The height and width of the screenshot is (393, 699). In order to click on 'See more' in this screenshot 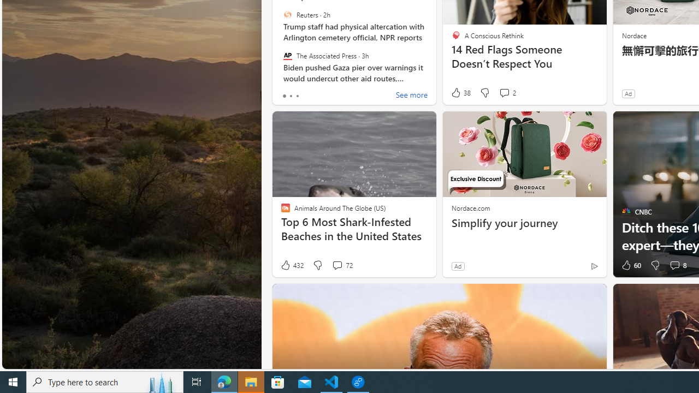, I will do `click(411, 96)`.